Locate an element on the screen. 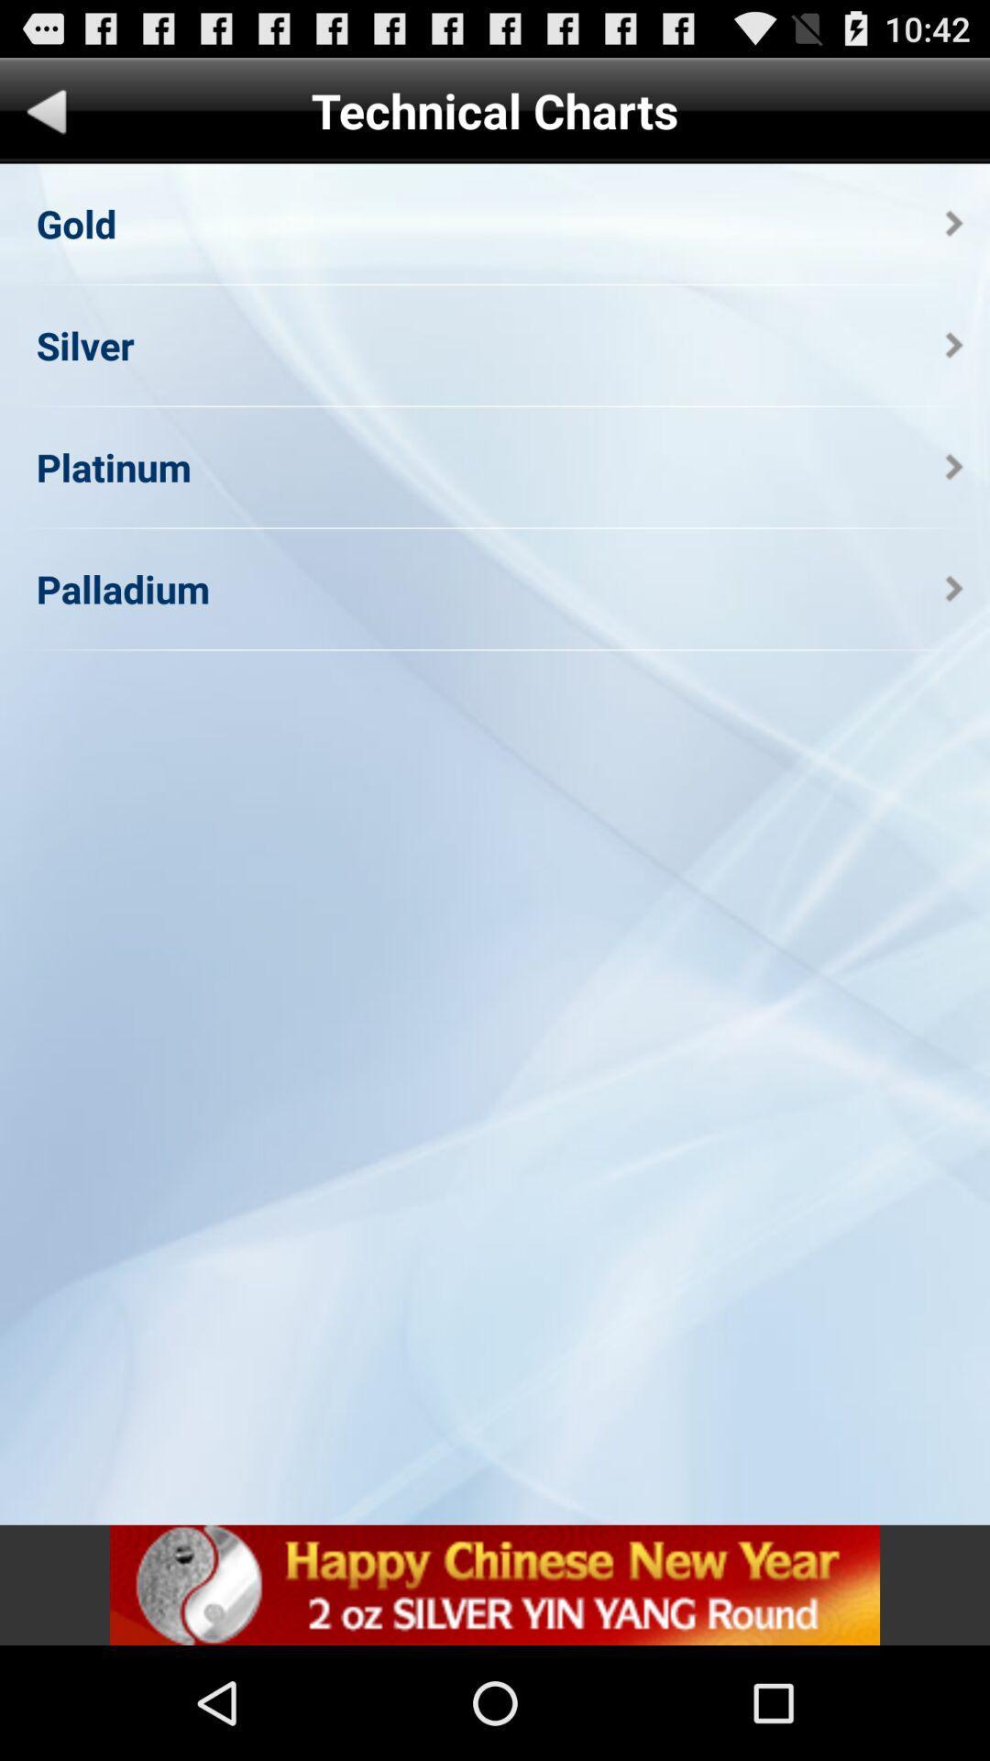 The height and width of the screenshot is (1761, 990). the arrow_backward icon is located at coordinates (46, 122).